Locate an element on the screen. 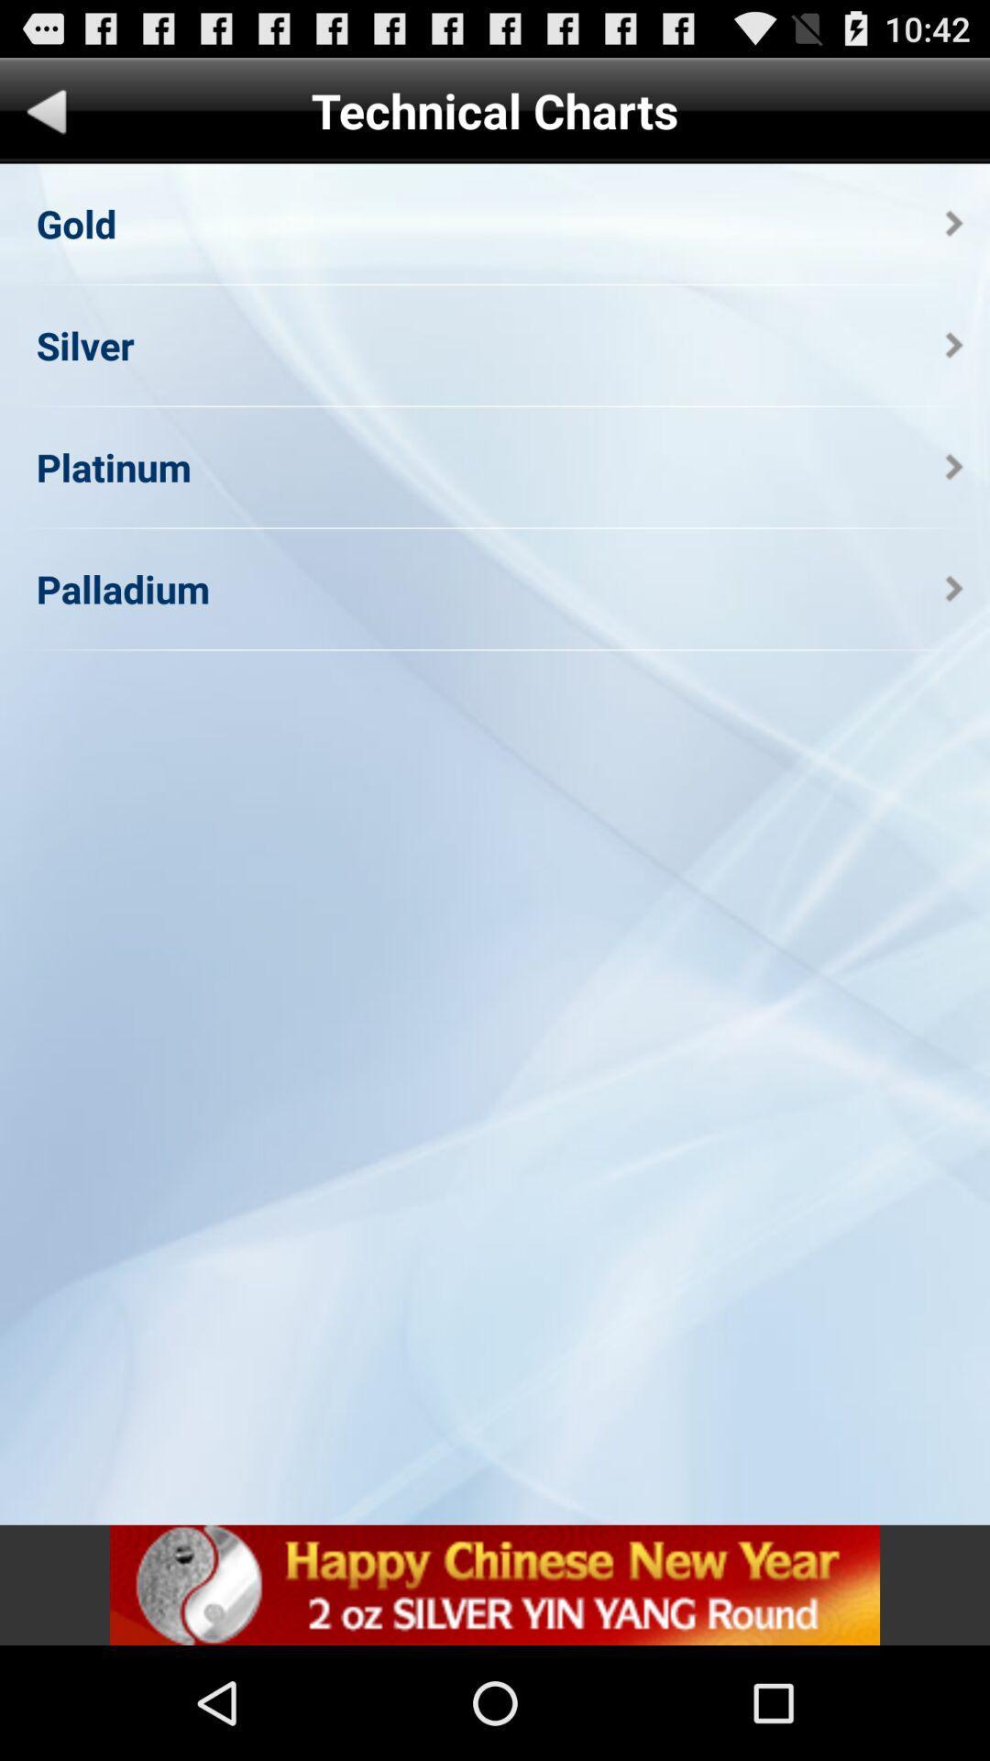 The height and width of the screenshot is (1761, 990). the arrow_backward icon is located at coordinates (46, 122).